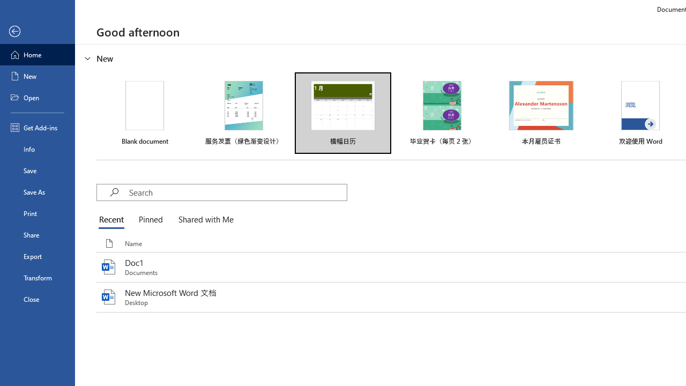 This screenshot has width=686, height=386. Describe the element at coordinates (37, 149) in the screenshot. I see `'Info'` at that location.